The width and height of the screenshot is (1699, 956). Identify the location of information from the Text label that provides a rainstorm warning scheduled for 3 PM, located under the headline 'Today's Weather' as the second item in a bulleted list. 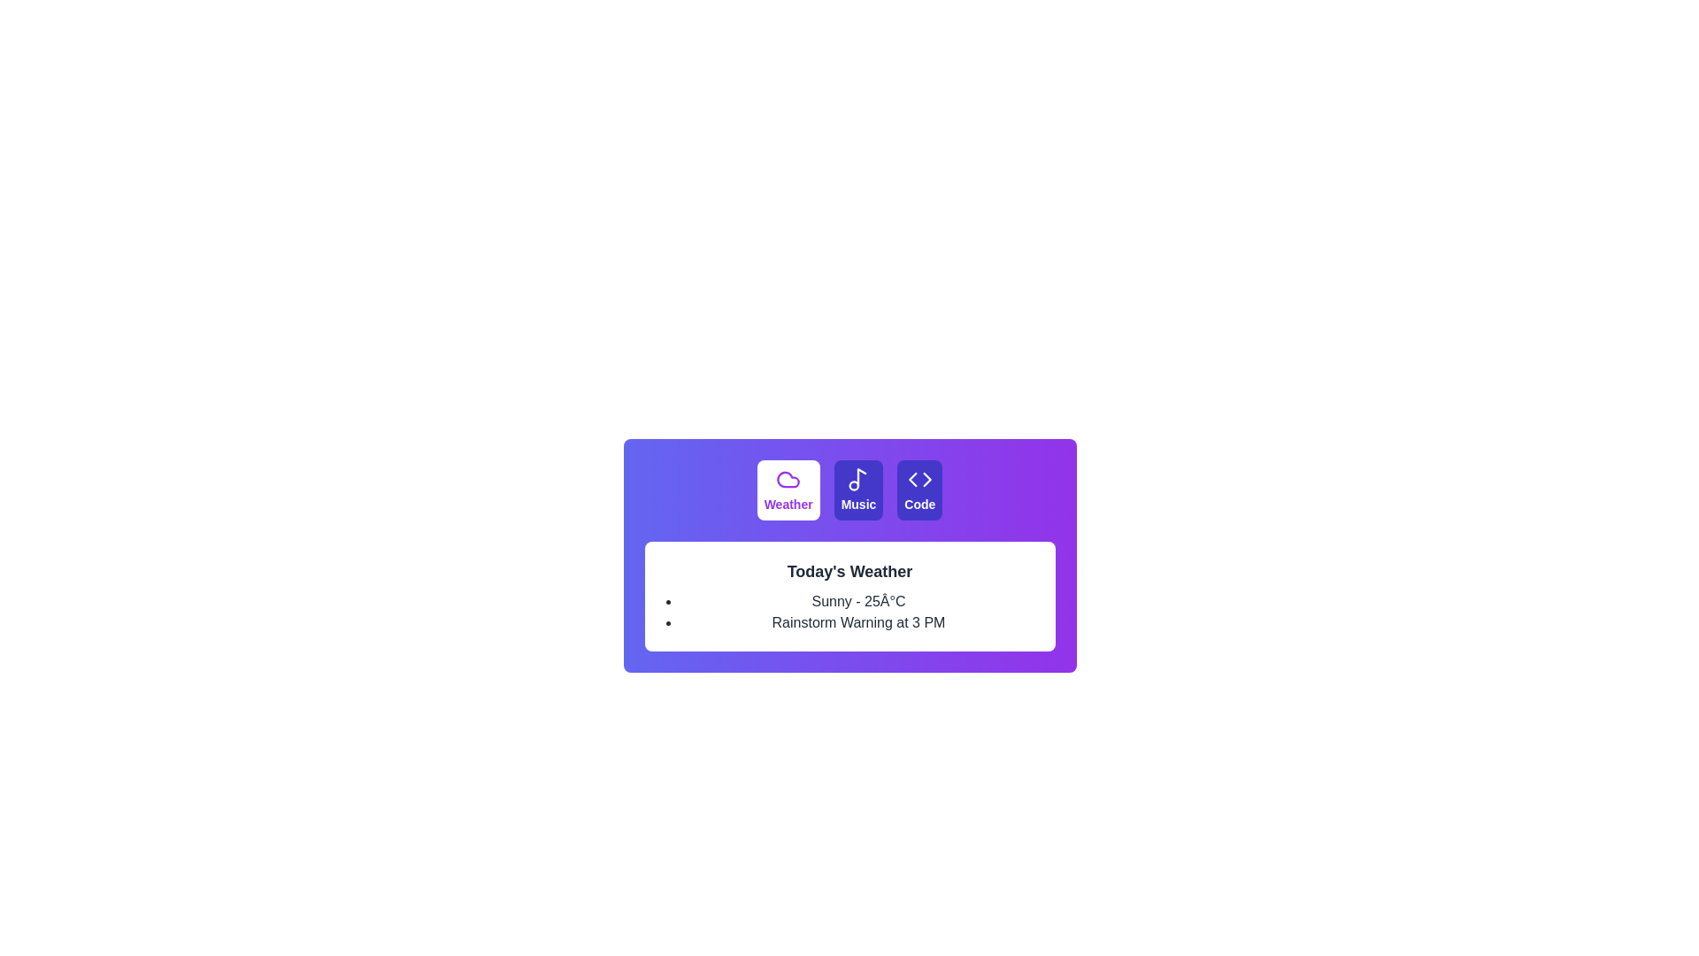
(858, 622).